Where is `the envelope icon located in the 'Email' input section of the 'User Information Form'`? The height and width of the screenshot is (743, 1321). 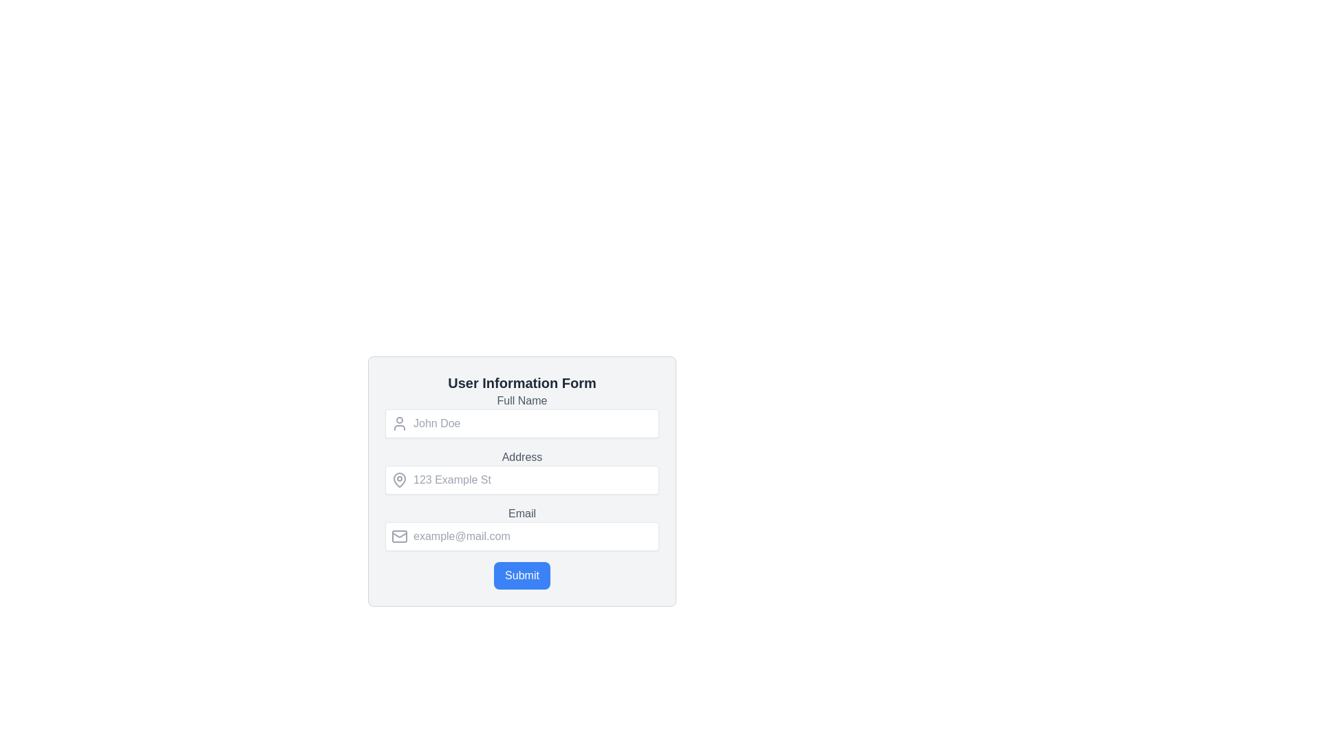 the envelope icon located in the 'Email' input section of the 'User Information Form' is located at coordinates (398, 535).